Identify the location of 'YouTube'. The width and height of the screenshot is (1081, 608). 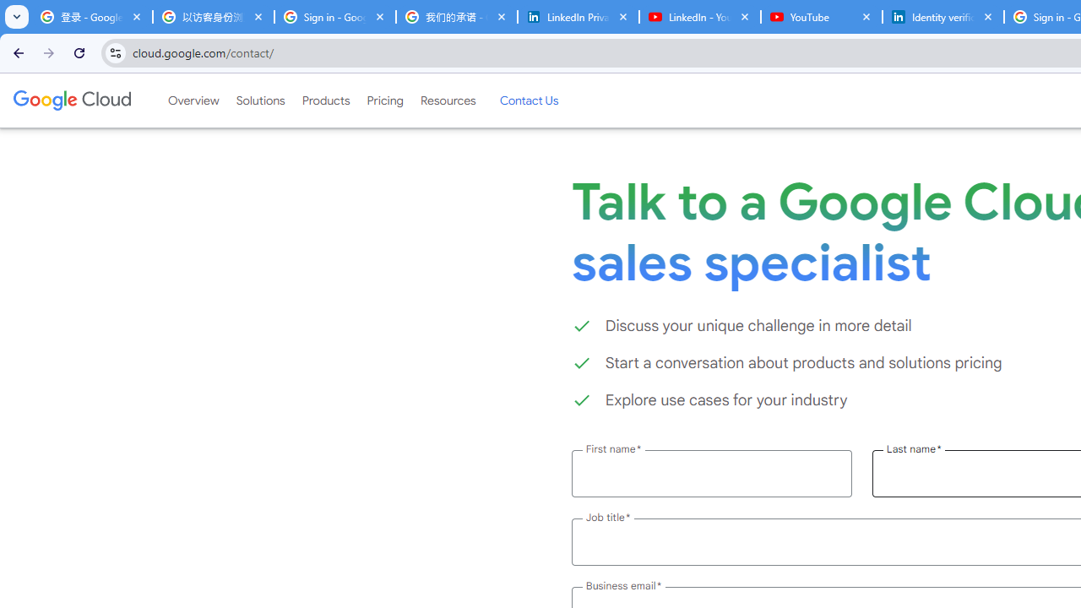
(821, 17).